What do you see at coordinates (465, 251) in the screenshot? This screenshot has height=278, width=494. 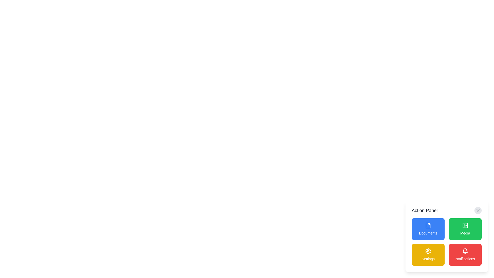 I see `the bell icon located at the top center of the 'Notifications' button` at bounding box center [465, 251].